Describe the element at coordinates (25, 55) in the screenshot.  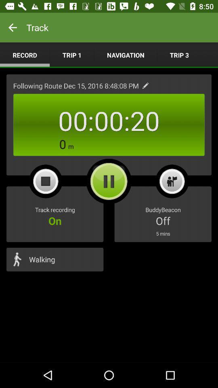
I see `the item next to the trip 1` at that location.